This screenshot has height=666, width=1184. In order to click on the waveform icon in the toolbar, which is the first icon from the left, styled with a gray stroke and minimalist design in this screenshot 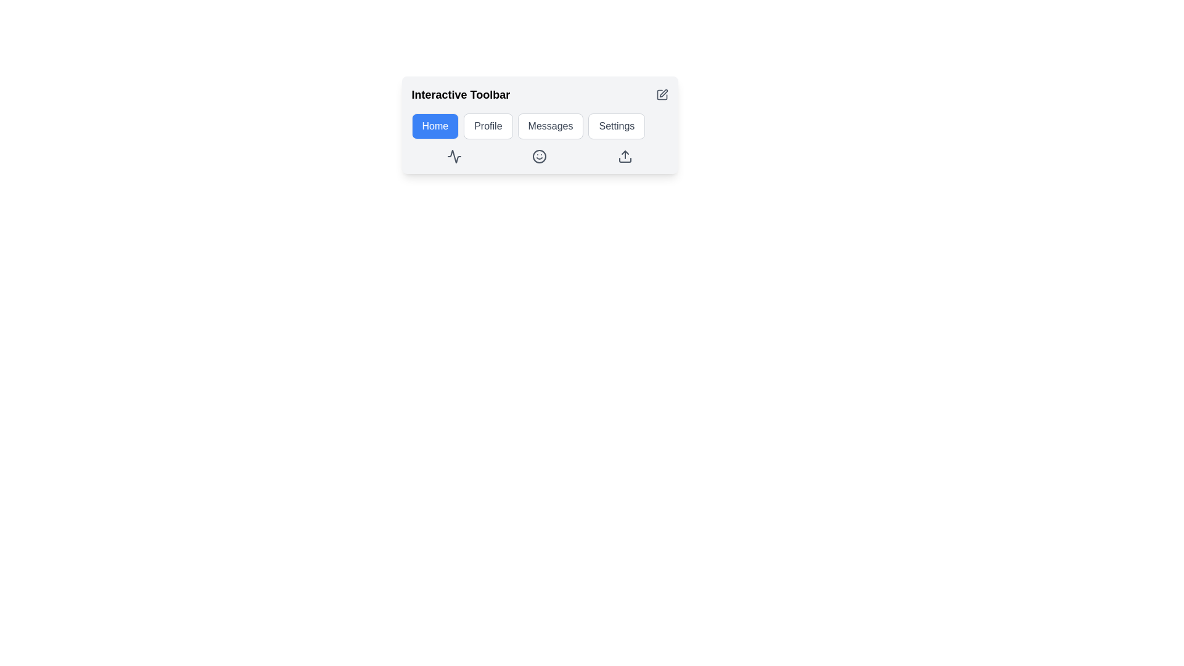, I will do `click(453, 156)`.